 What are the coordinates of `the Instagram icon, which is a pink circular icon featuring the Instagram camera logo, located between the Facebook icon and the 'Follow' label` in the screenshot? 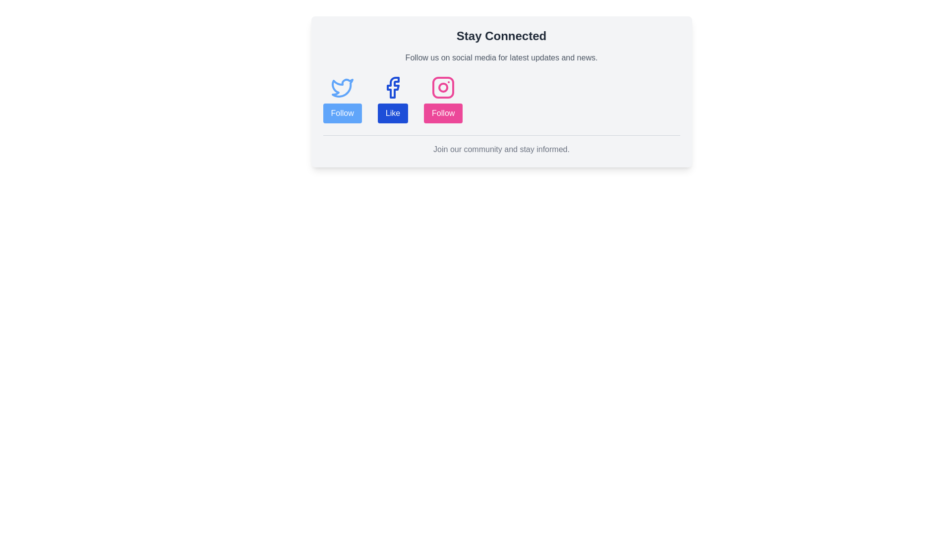 It's located at (443, 87).